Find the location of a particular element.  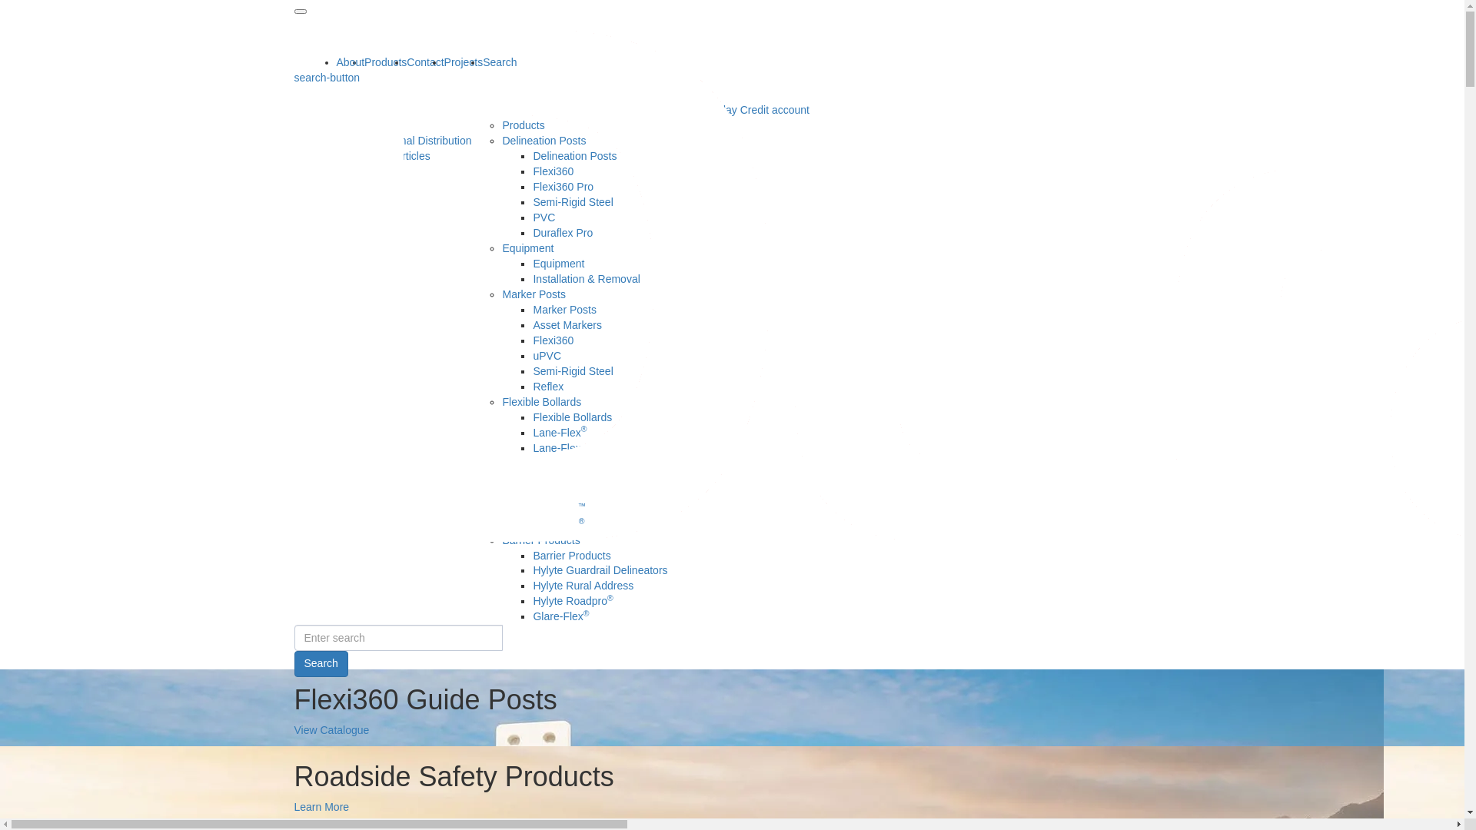

'Barrier Products' is located at coordinates (532, 554).